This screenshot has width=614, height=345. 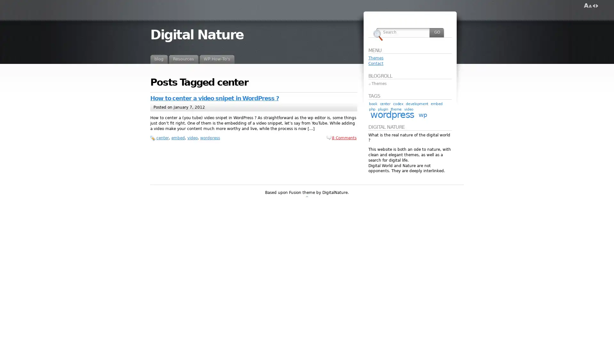 What do you see at coordinates (437, 32) in the screenshot?
I see `Go` at bounding box center [437, 32].